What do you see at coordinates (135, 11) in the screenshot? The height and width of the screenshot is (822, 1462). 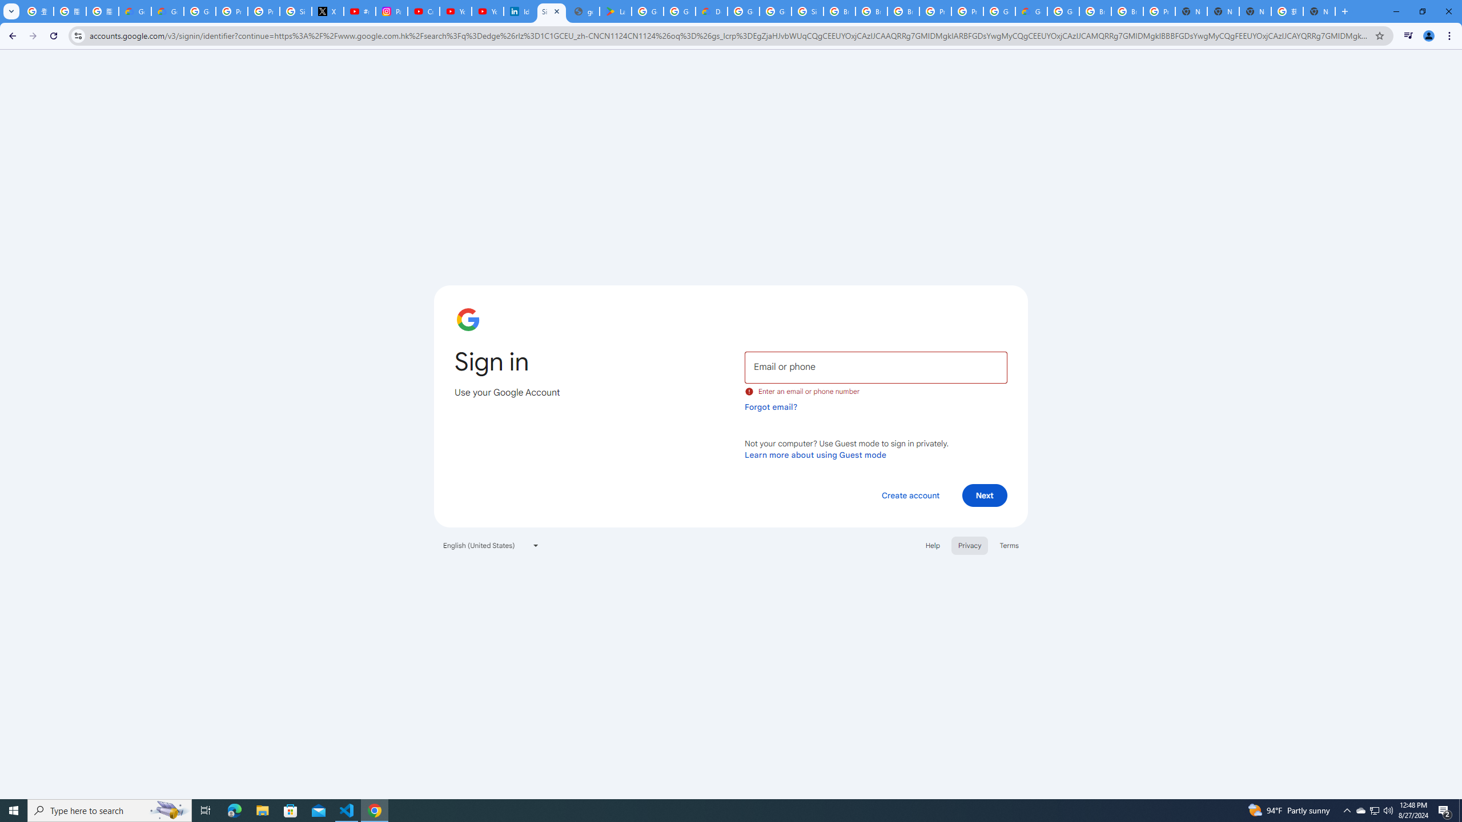 I see `'Google Cloud Privacy Notice'` at bounding box center [135, 11].